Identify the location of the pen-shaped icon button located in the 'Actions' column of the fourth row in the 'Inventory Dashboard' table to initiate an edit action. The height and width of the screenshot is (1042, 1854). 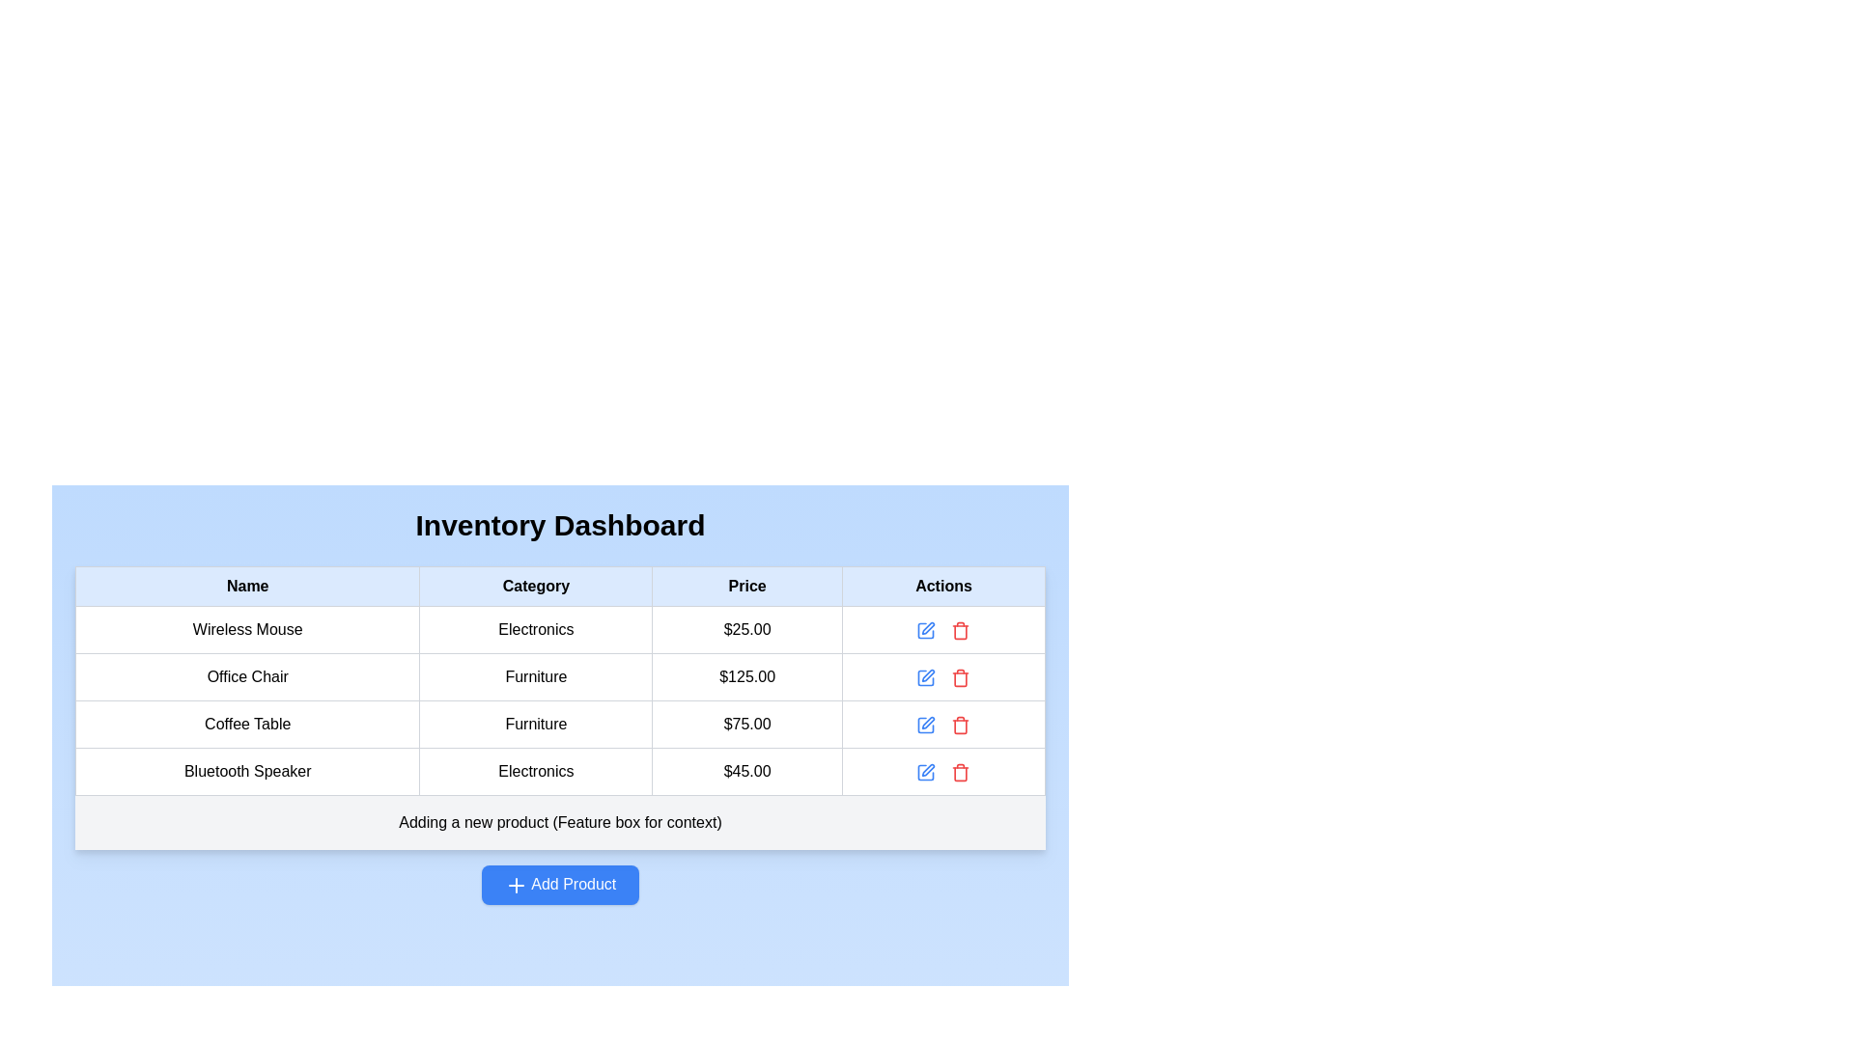
(928, 769).